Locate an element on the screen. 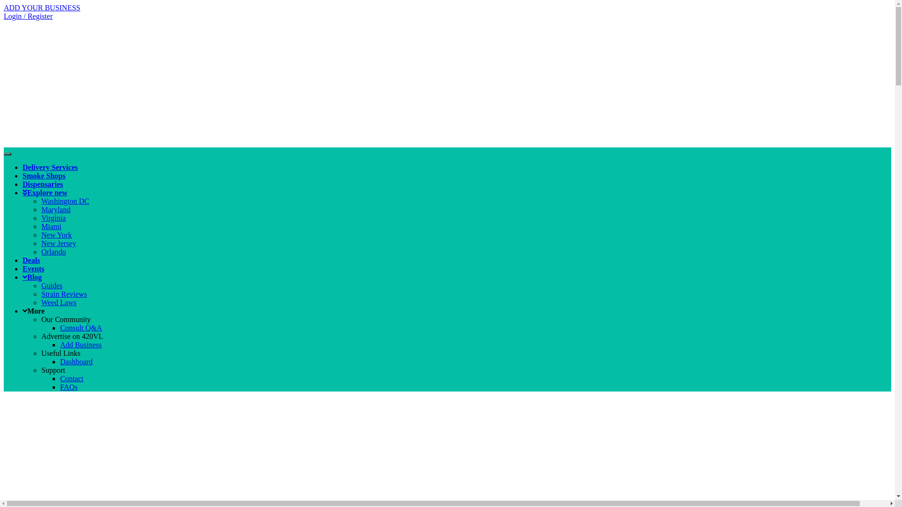 This screenshot has height=507, width=902. 'Dispensaries' is located at coordinates (23, 184).